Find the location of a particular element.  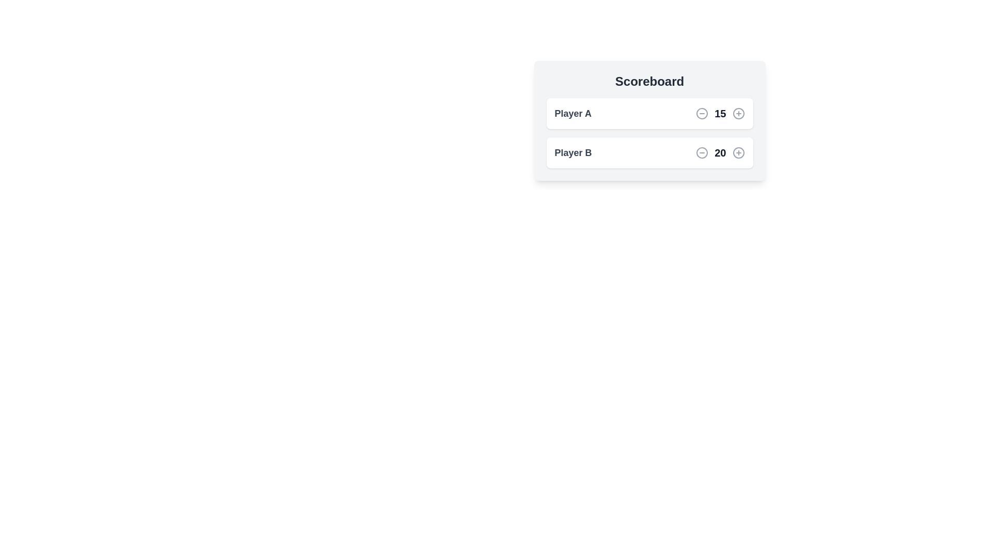

the increment button for Player A's score is located at coordinates (738, 113).